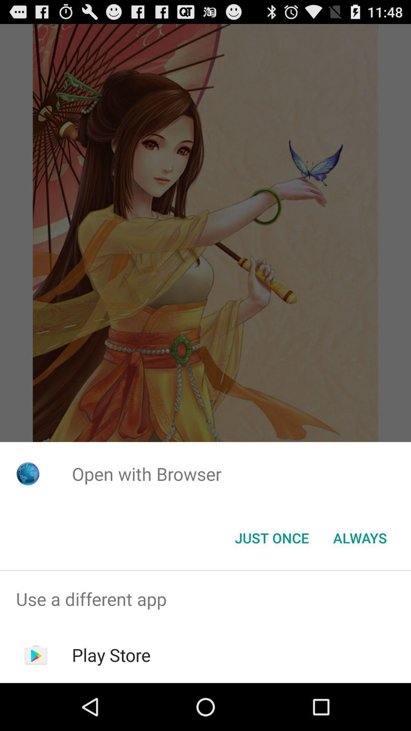 This screenshot has width=411, height=731. What do you see at coordinates (360, 537) in the screenshot?
I see `button to the right of just once button` at bounding box center [360, 537].